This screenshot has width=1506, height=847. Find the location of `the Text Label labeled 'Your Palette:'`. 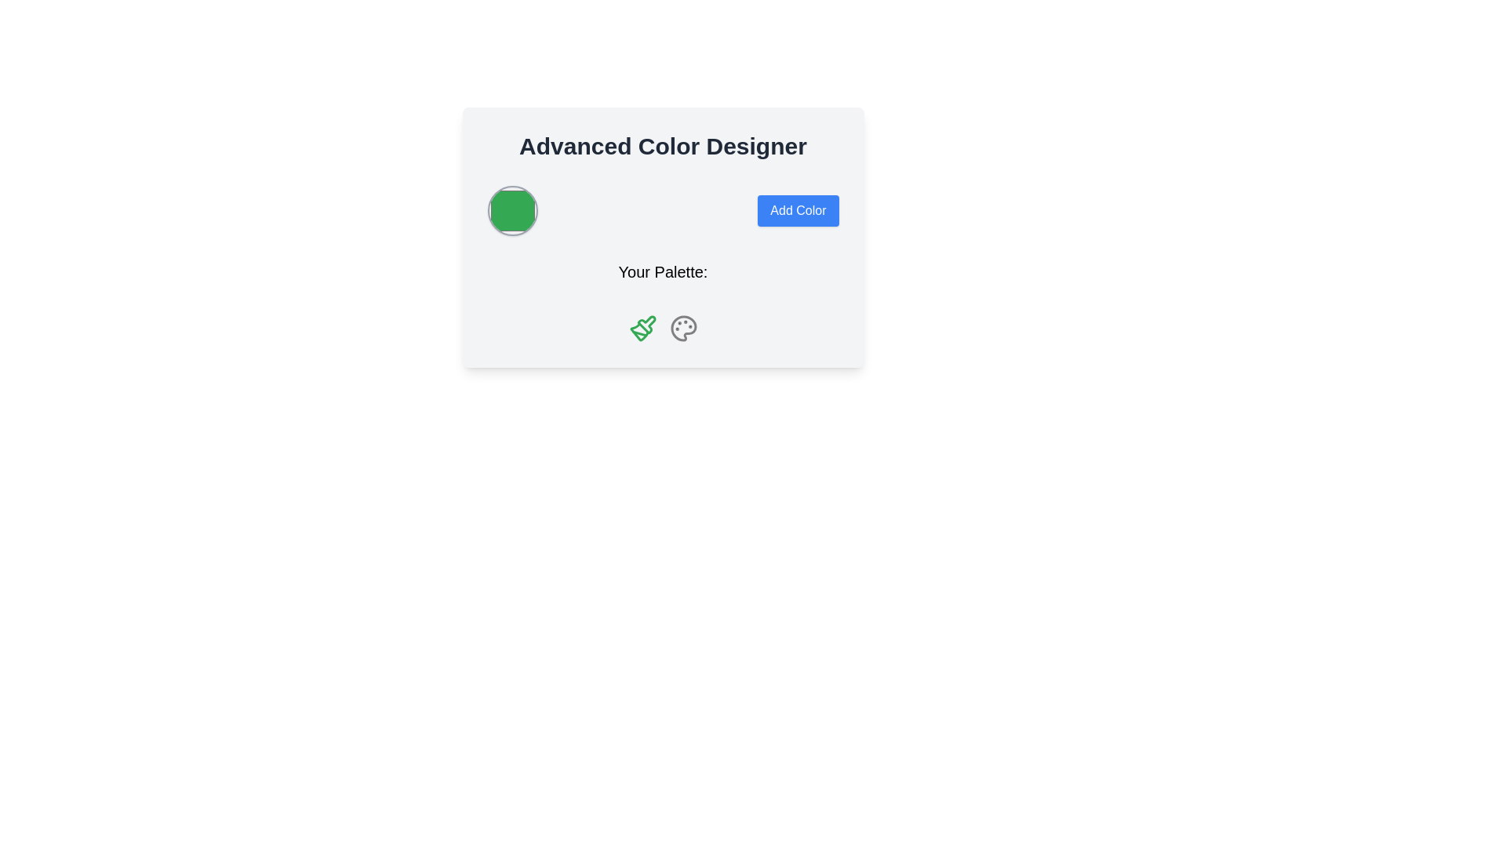

the Text Label labeled 'Your Palette:' is located at coordinates (663, 271).